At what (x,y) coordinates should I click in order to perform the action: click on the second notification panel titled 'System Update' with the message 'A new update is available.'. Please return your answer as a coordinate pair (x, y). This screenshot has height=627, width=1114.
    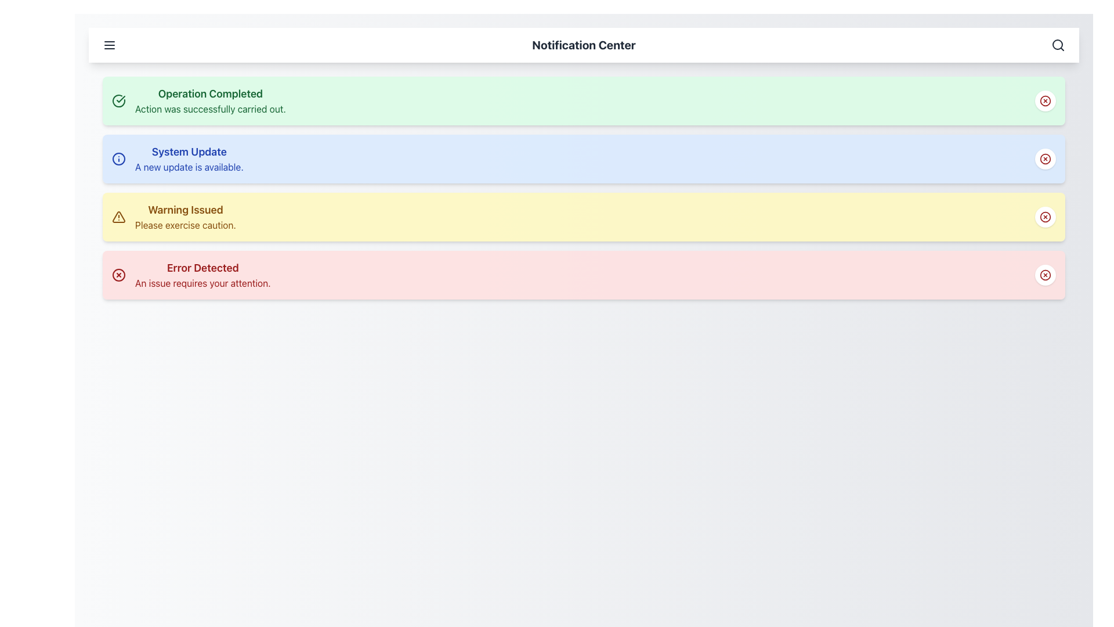
    Looking at the image, I should click on (584, 158).